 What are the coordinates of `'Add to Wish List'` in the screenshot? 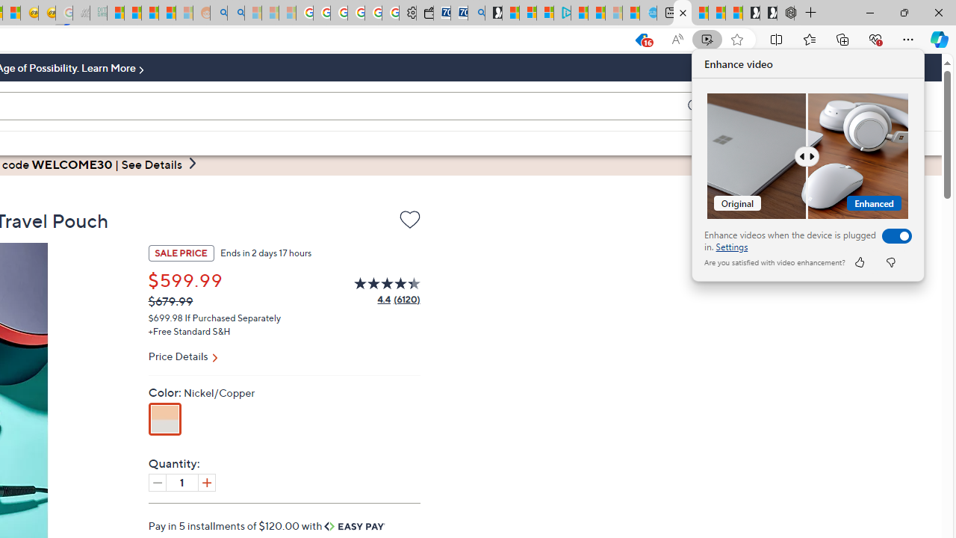 It's located at (409, 222).